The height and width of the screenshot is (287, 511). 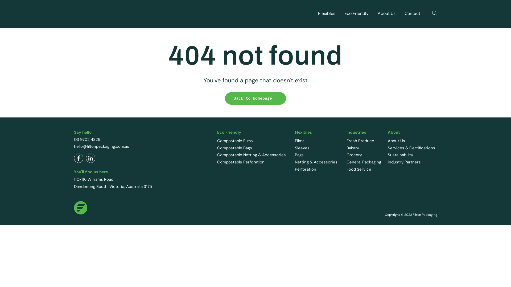 What do you see at coordinates (256, 98) in the screenshot?
I see `'Back to homepage'` at bounding box center [256, 98].